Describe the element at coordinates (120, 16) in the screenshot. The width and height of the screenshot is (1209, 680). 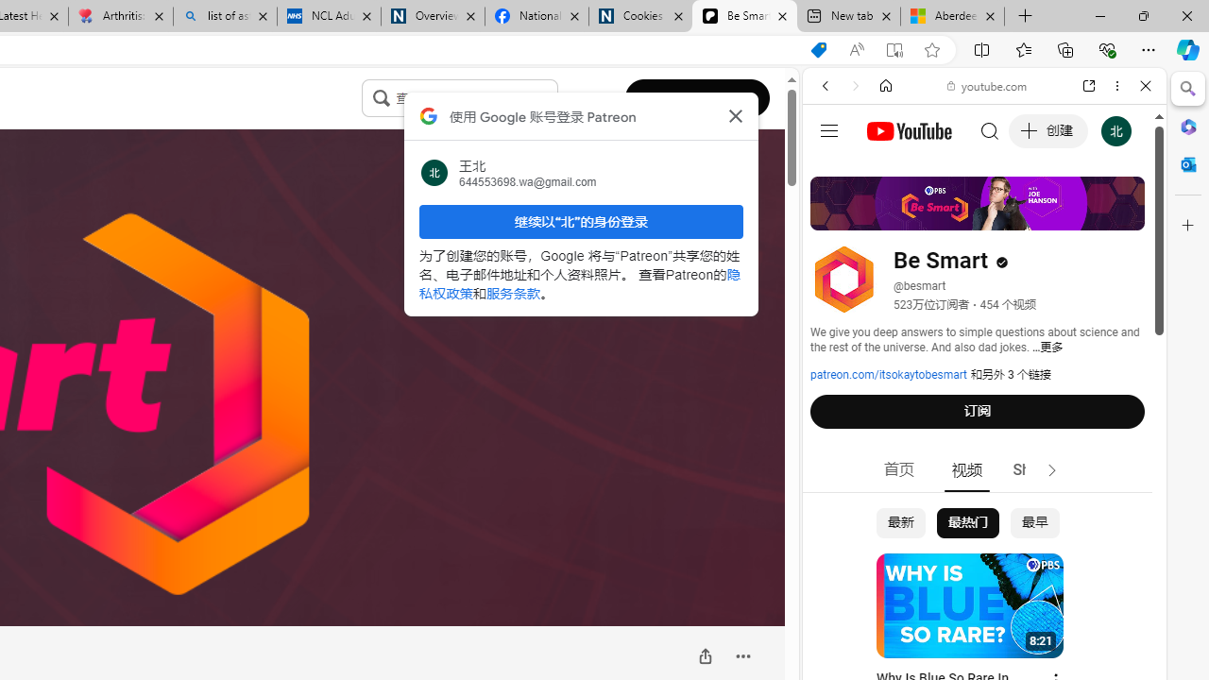
I see `'Arthritis: Ask Health Professionals'` at that location.